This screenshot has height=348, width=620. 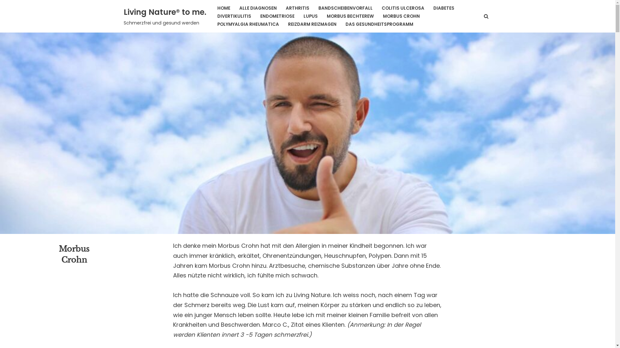 I want to click on 'DIVERTIKULITIS', so click(x=233, y=16).